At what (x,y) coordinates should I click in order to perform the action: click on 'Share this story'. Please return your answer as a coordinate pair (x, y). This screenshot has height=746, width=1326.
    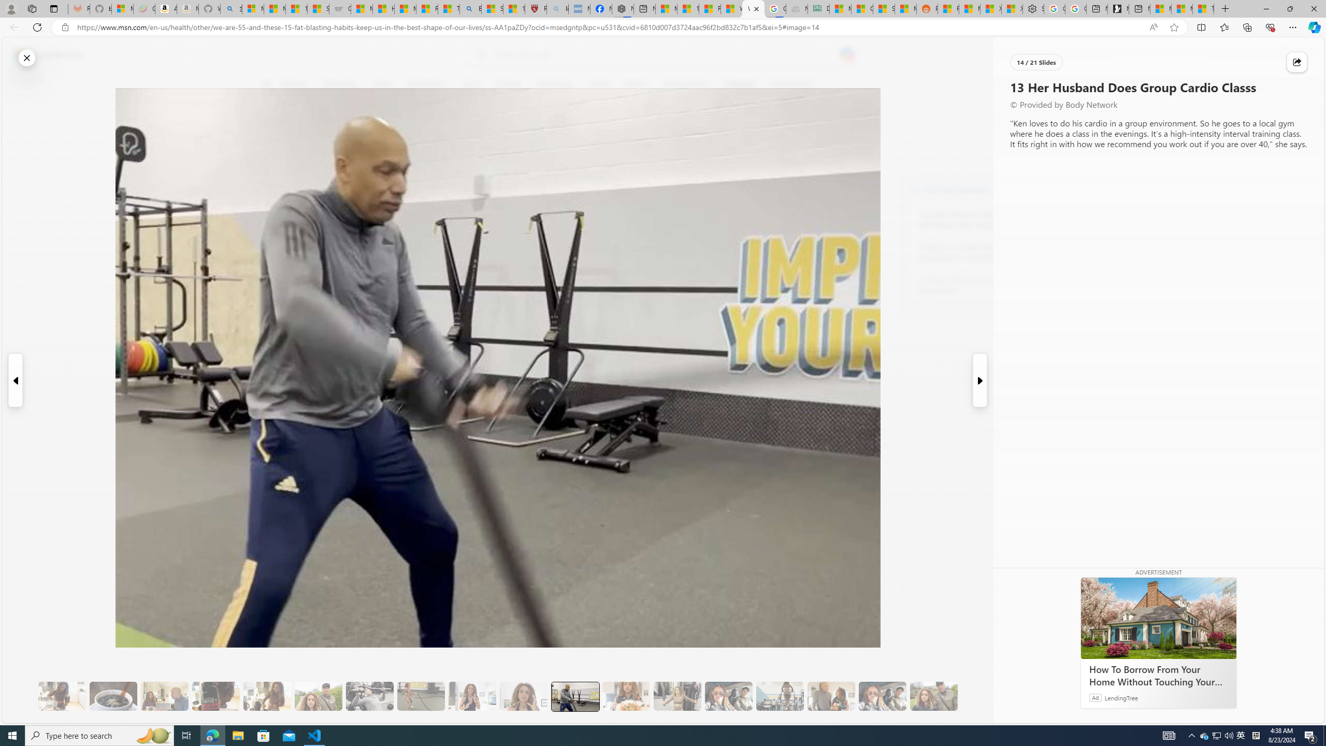
    Looking at the image, I should click on (1296, 61).